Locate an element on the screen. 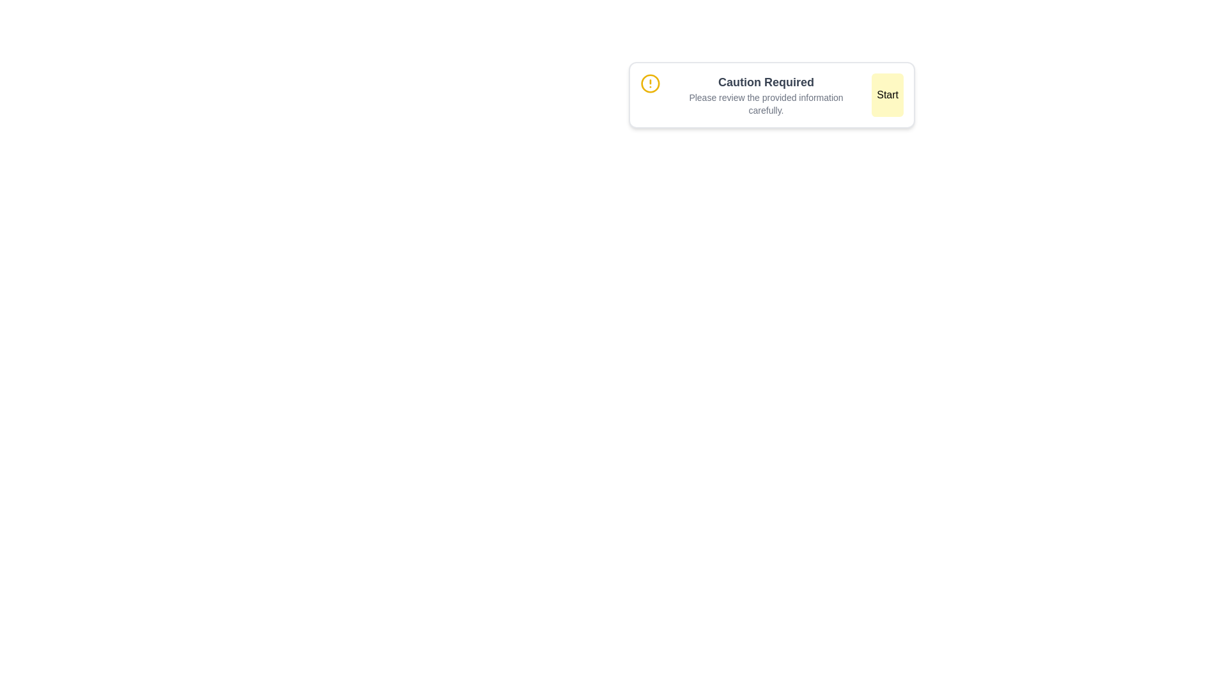 The width and height of the screenshot is (1227, 690). the yellow circular alert icon with a red core located at the upper-left corner of the notification box is located at coordinates (650, 84).